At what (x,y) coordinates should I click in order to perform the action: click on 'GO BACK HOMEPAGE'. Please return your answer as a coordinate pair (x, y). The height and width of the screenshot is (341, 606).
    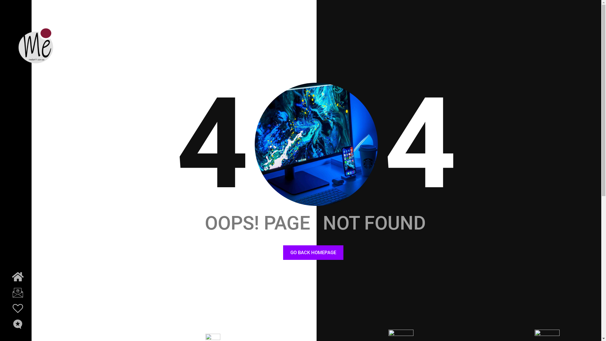
    Looking at the image, I should click on (283, 252).